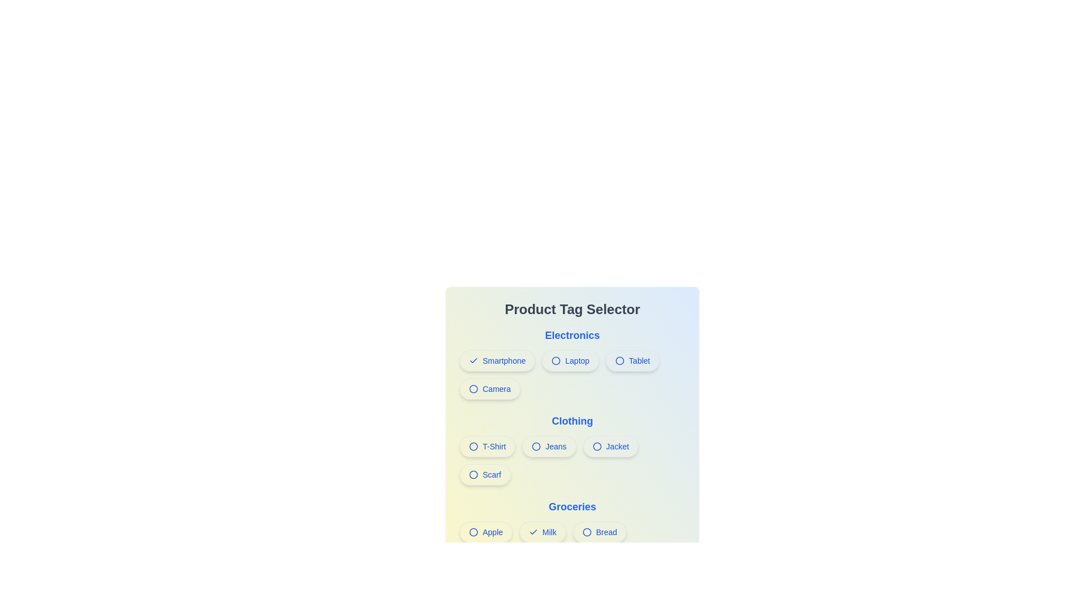 This screenshot has height=609, width=1084. Describe the element at coordinates (474, 389) in the screenshot. I see `the SVG icon that visually represents the 'Camera' tag in the 'Electronics' section of the 'Product Tag Selector' interface, located to the left of the 'Camera' text label` at that location.